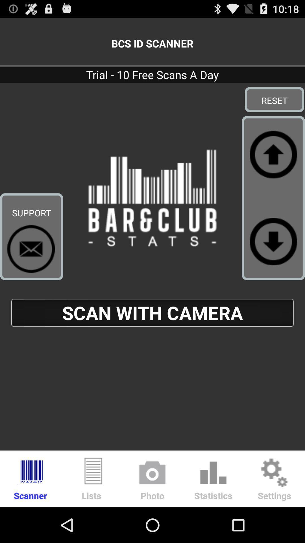  What do you see at coordinates (31, 249) in the screenshot?
I see `send message to support` at bounding box center [31, 249].